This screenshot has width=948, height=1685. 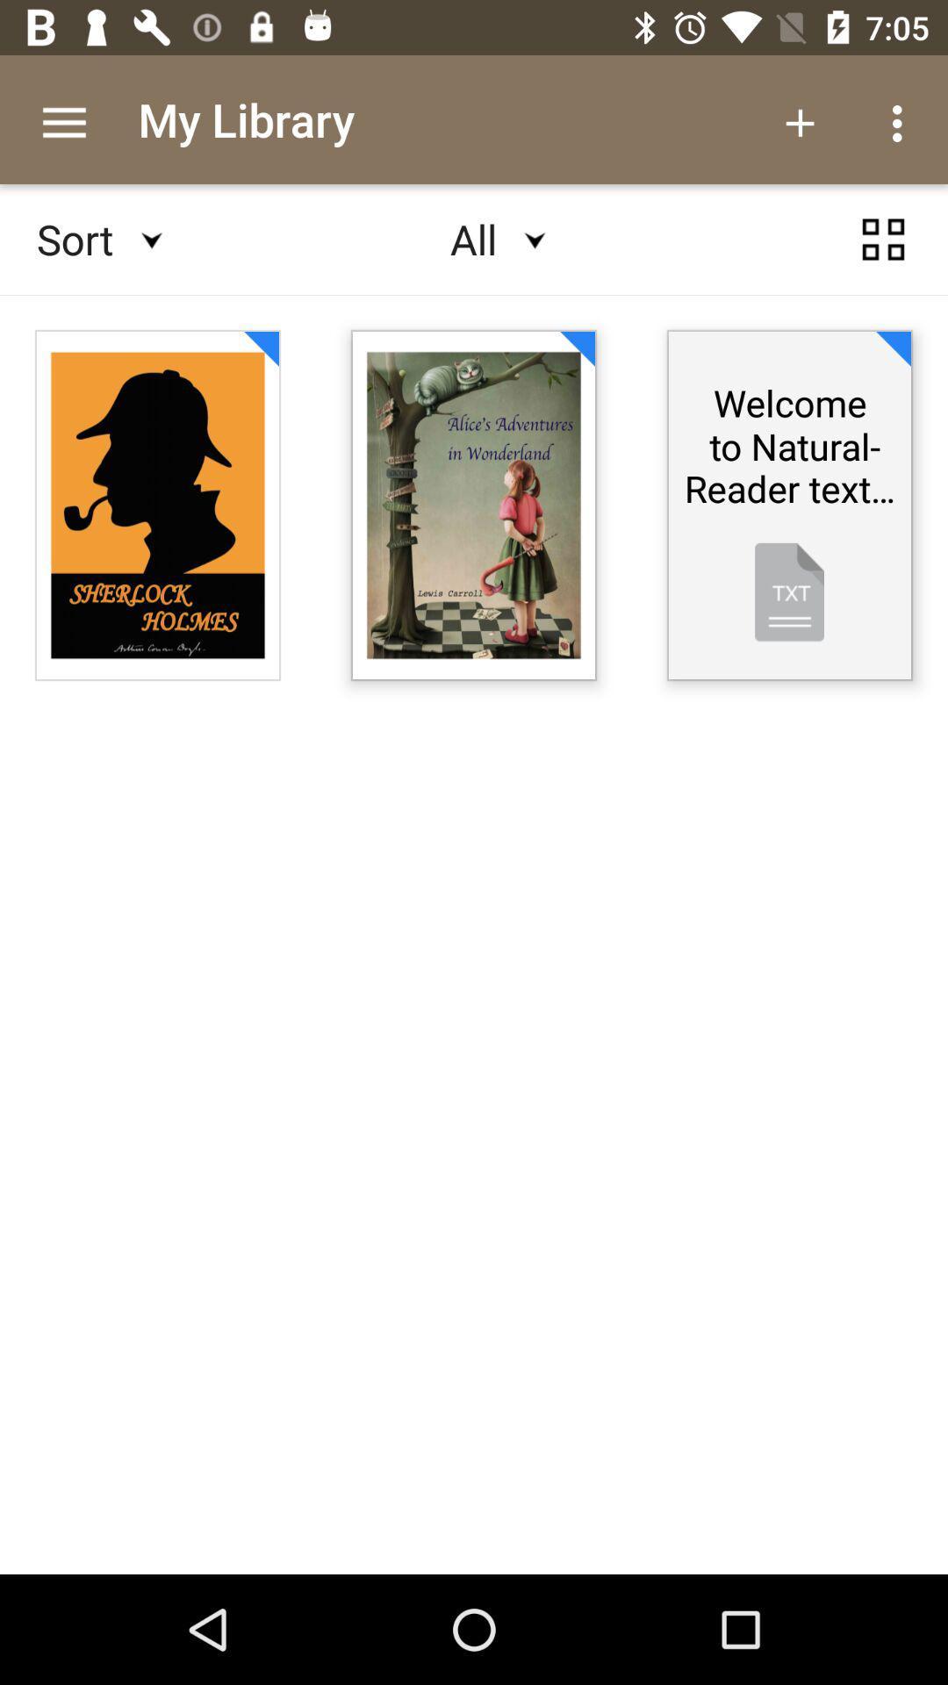 I want to click on the dashboard icon, so click(x=883, y=255).